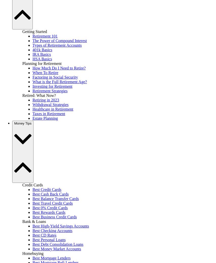 This screenshot has width=216, height=263. Describe the element at coordinates (42, 58) in the screenshot. I see `'HSA Basics'` at that location.